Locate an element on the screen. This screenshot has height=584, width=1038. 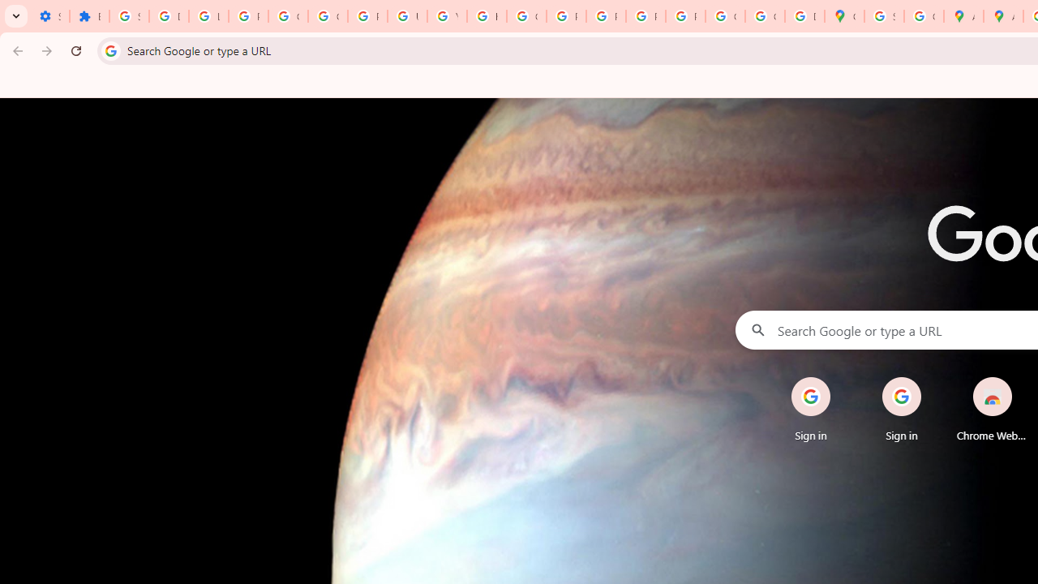
'YouTube' is located at coordinates (447, 16).